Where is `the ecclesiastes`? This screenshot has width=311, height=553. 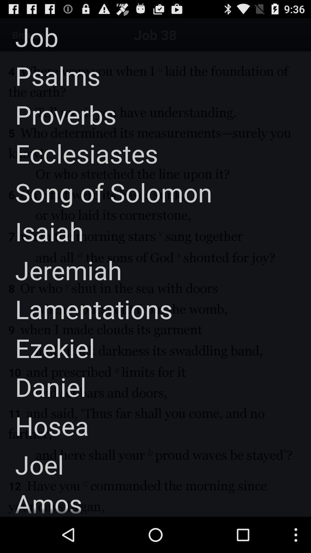
the ecclesiastes is located at coordinates (79, 153).